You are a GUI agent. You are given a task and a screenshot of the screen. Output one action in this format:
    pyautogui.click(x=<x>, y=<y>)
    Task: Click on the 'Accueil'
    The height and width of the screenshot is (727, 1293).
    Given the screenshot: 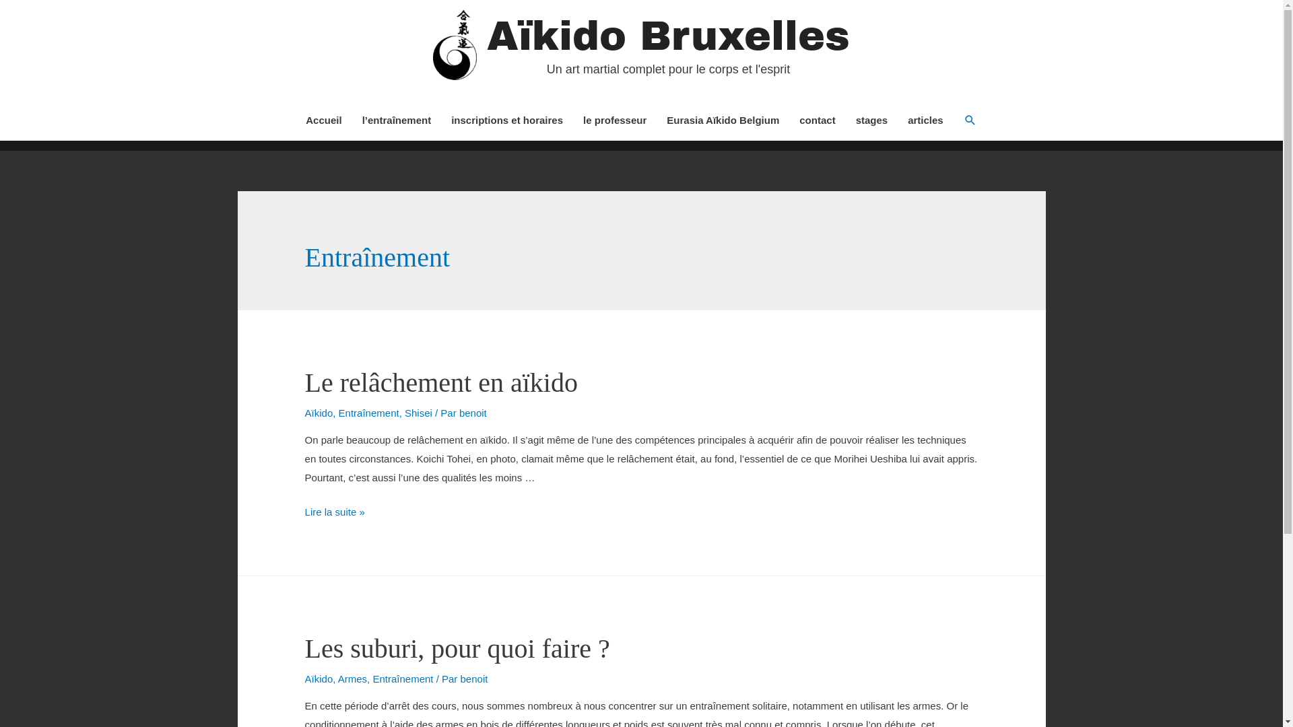 What is the action you would take?
    pyautogui.click(x=323, y=119)
    